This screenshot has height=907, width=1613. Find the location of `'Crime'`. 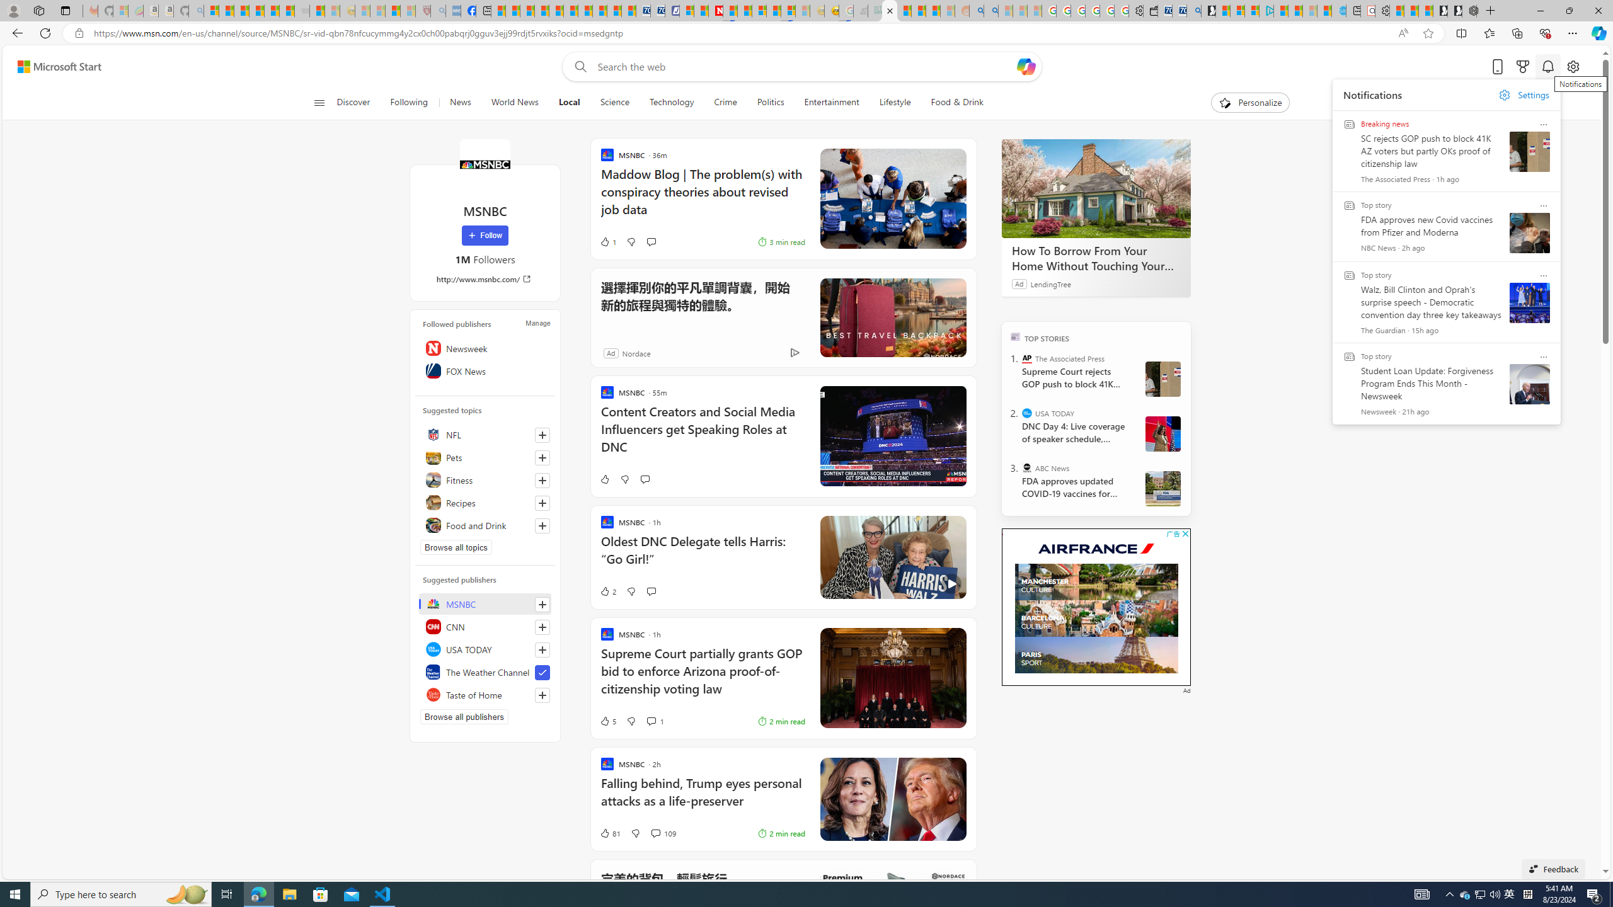

'Crime' is located at coordinates (725, 102).